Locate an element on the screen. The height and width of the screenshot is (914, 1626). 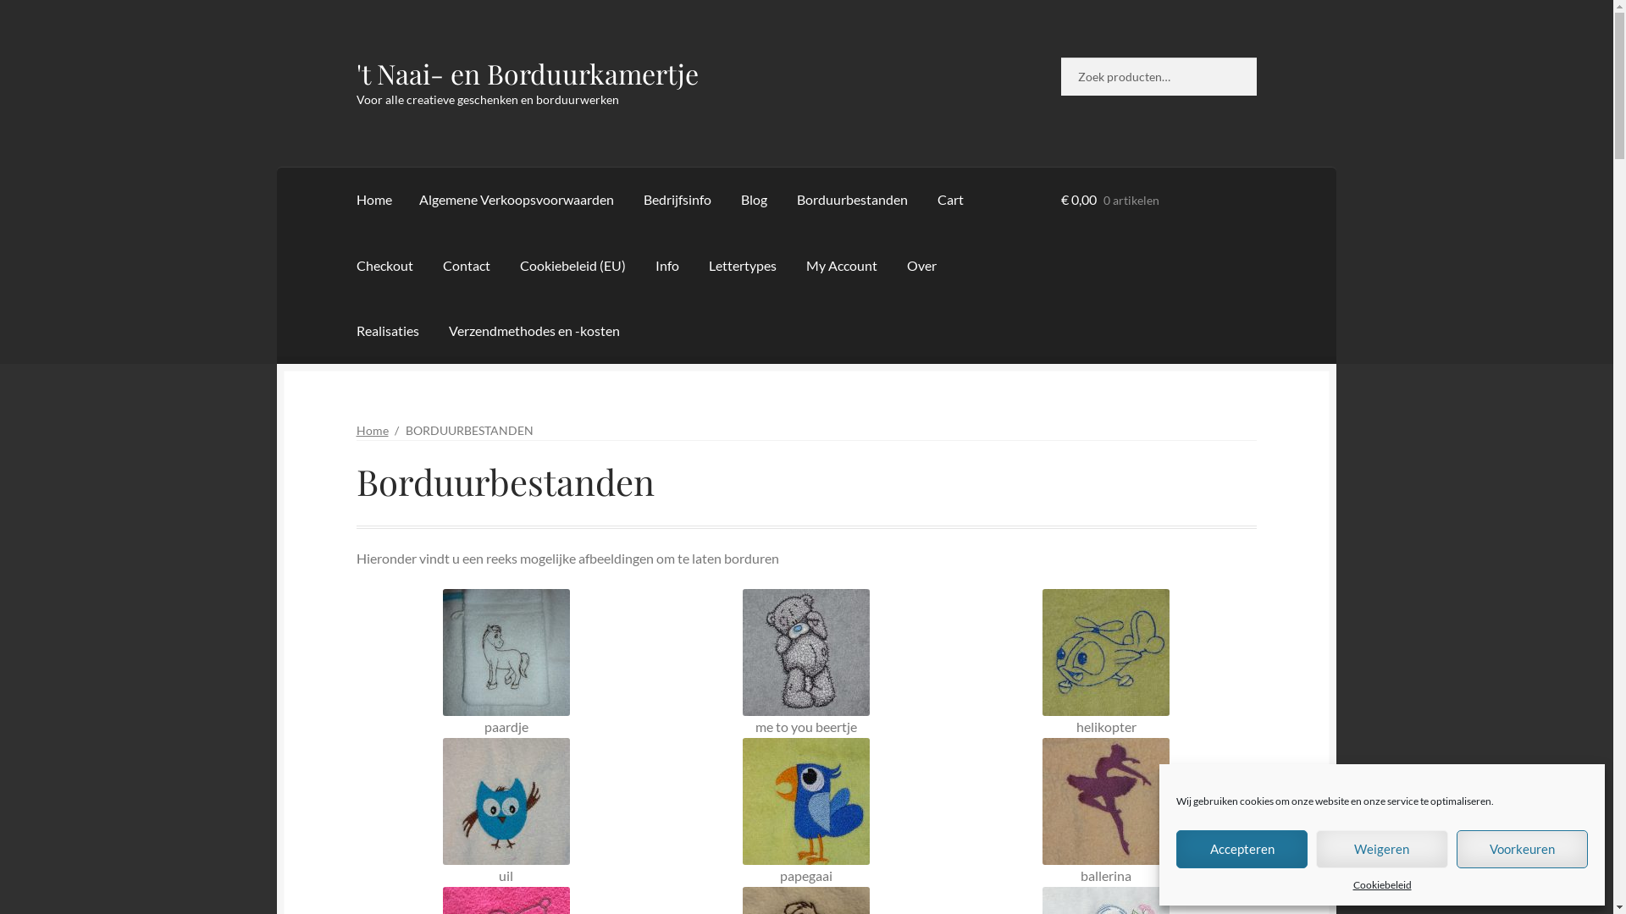
'Voorkeuren' is located at coordinates (1522, 849).